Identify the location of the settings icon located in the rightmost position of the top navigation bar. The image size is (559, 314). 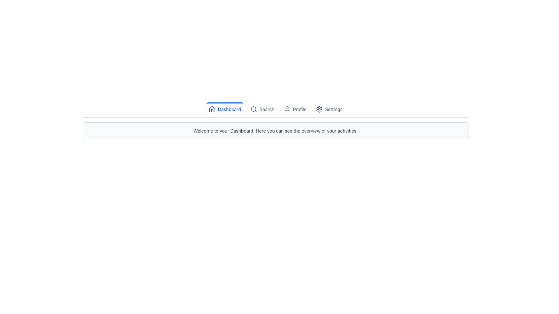
(319, 109).